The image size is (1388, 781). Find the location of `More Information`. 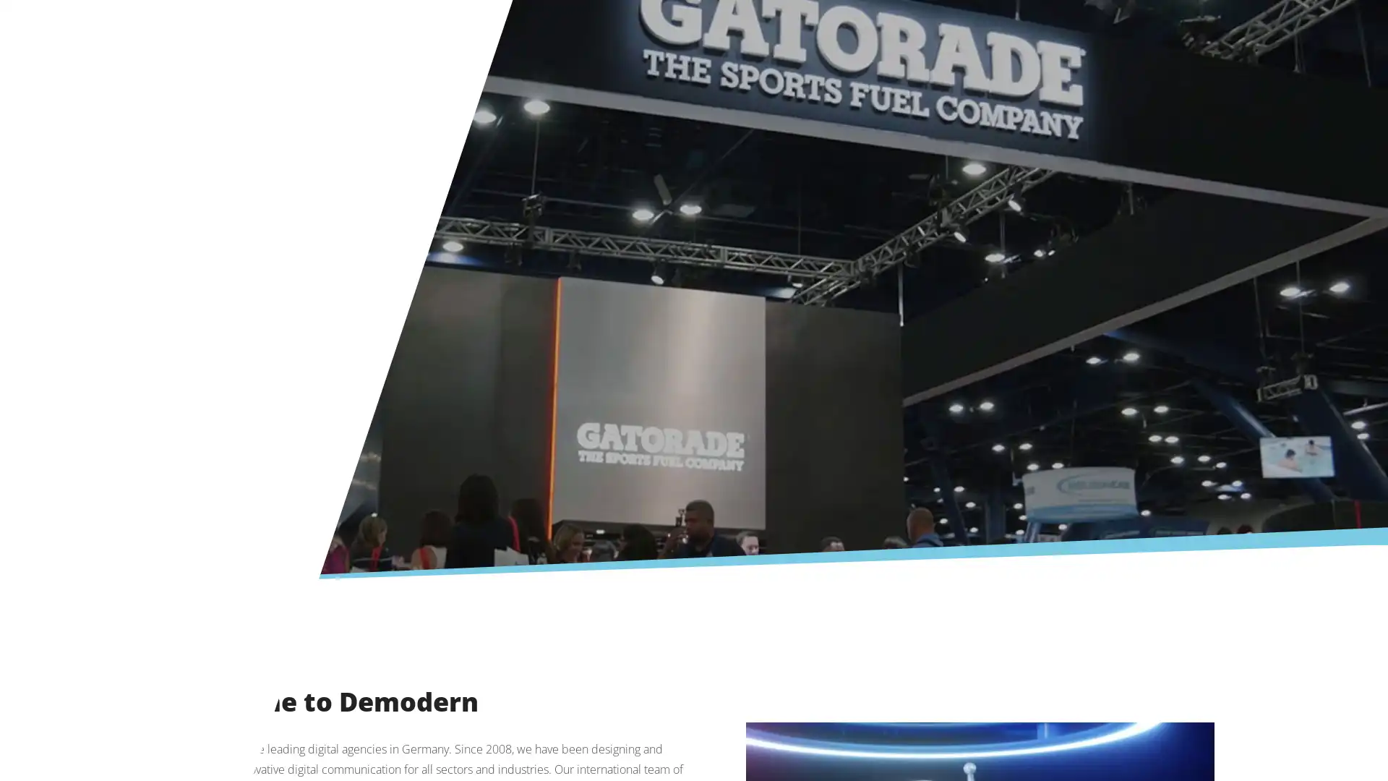

More Information is located at coordinates (667, 748).